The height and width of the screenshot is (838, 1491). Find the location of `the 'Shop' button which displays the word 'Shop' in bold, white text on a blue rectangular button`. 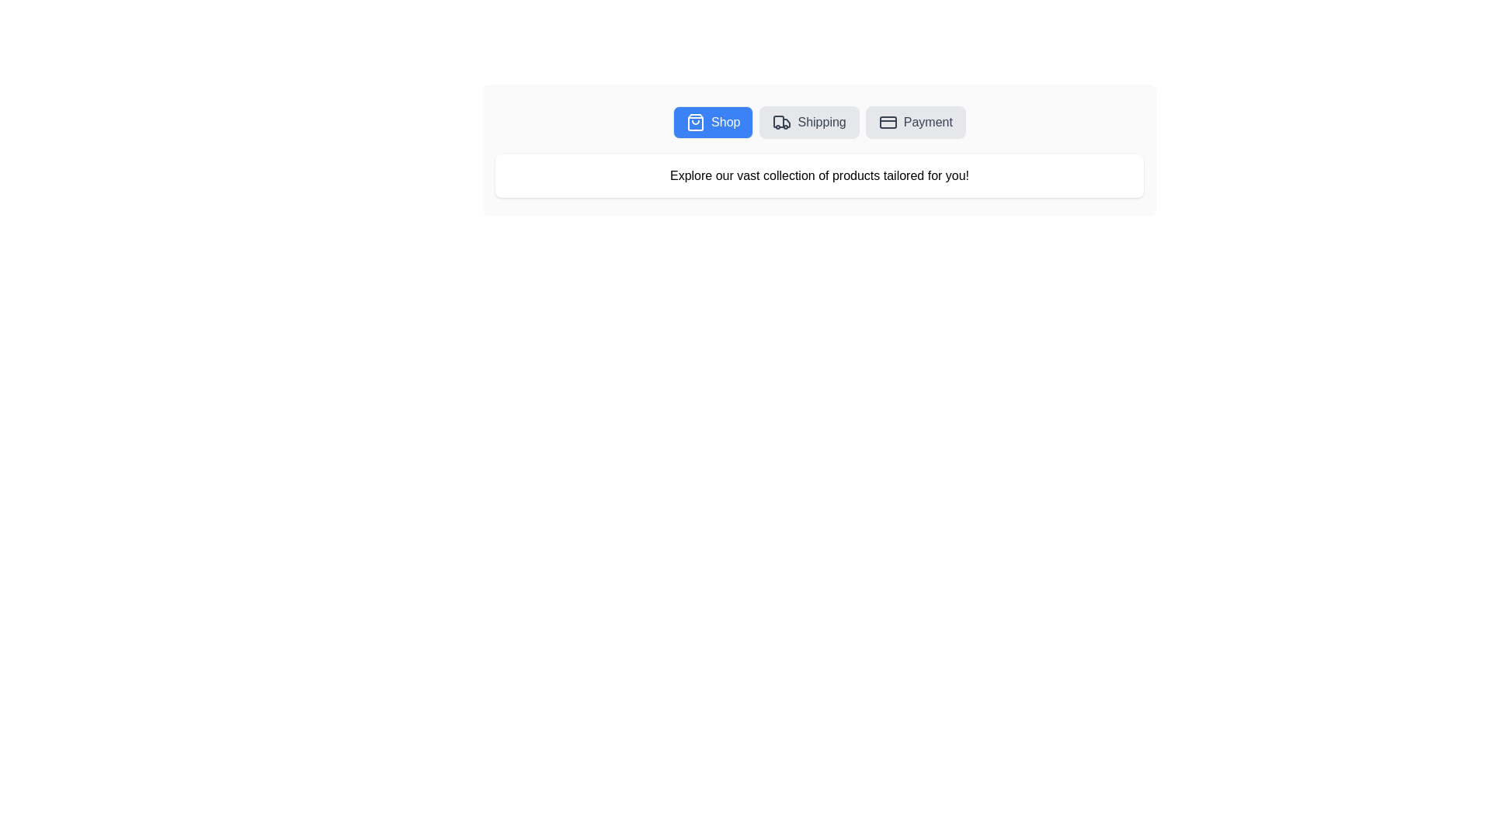

the 'Shop' button which displays the word 'Shop' in bold, white text on a blue rectangular button is located at coordinates (725, 122).